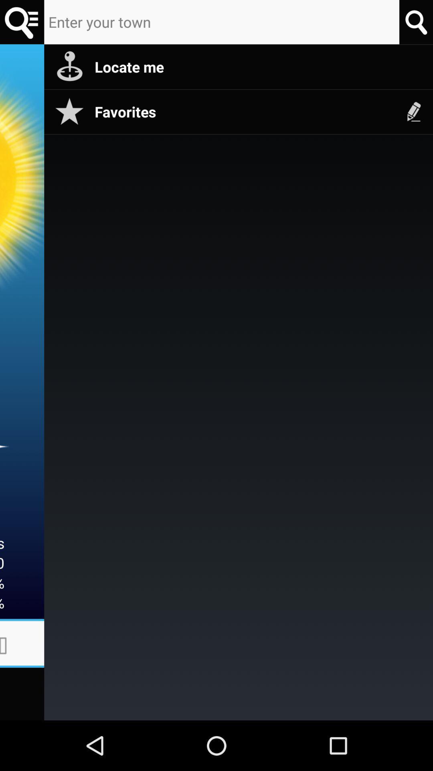  Describe the element at coordinates (222, 22) in the screenshot. I see `your town here` at that location.